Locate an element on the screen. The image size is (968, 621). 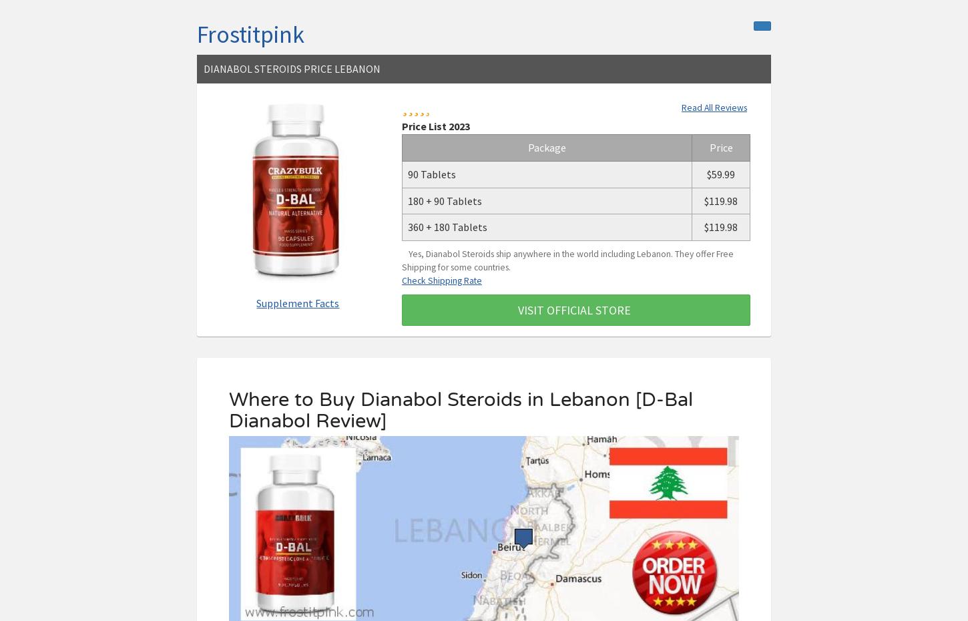
'Price List 2023' is located at coordinates (435, 125).